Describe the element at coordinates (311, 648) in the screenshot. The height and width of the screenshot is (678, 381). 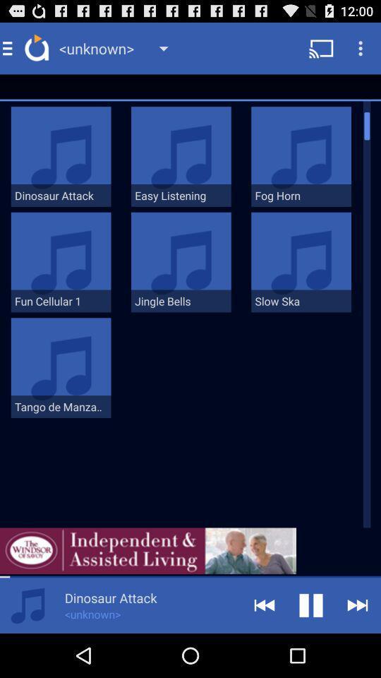
I see `the pause icon` at that location.